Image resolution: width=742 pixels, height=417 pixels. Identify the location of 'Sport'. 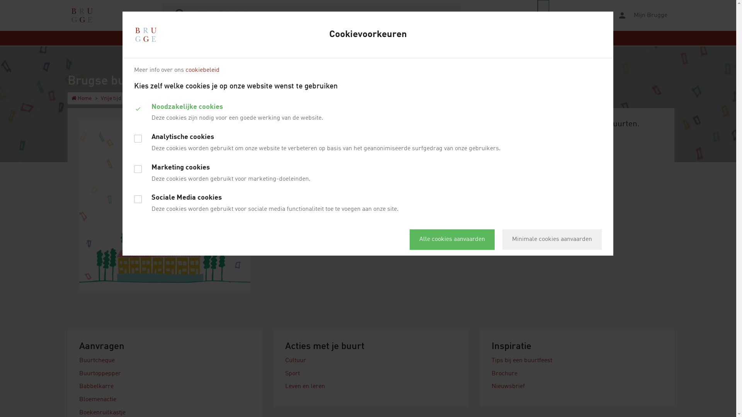
(292, 373).